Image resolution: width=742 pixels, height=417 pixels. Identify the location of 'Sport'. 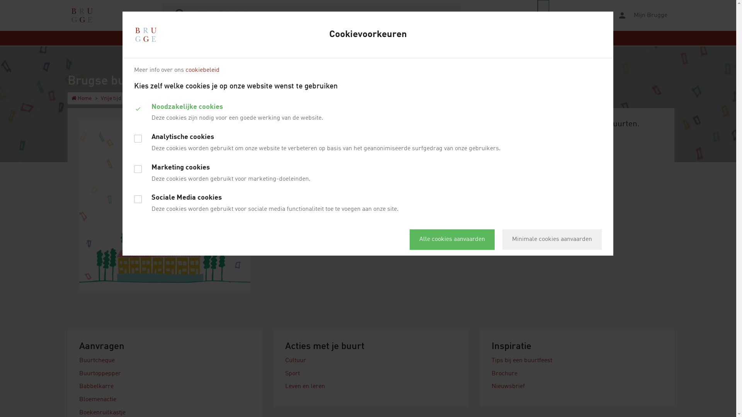
(292, 373).